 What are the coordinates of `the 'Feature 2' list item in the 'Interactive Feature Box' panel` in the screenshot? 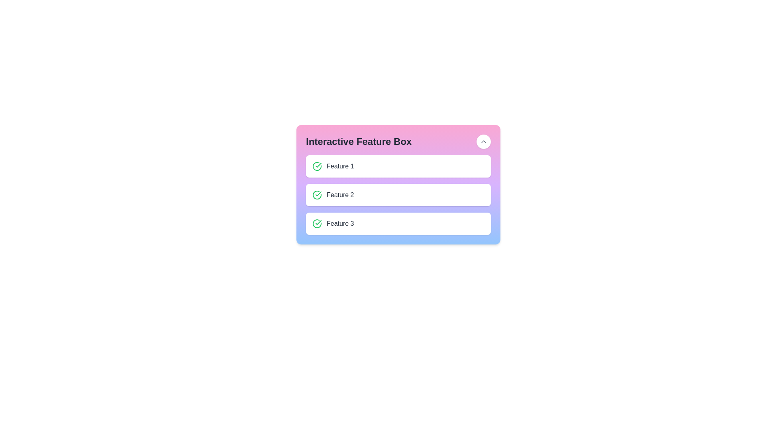 It's located at (398, 195).